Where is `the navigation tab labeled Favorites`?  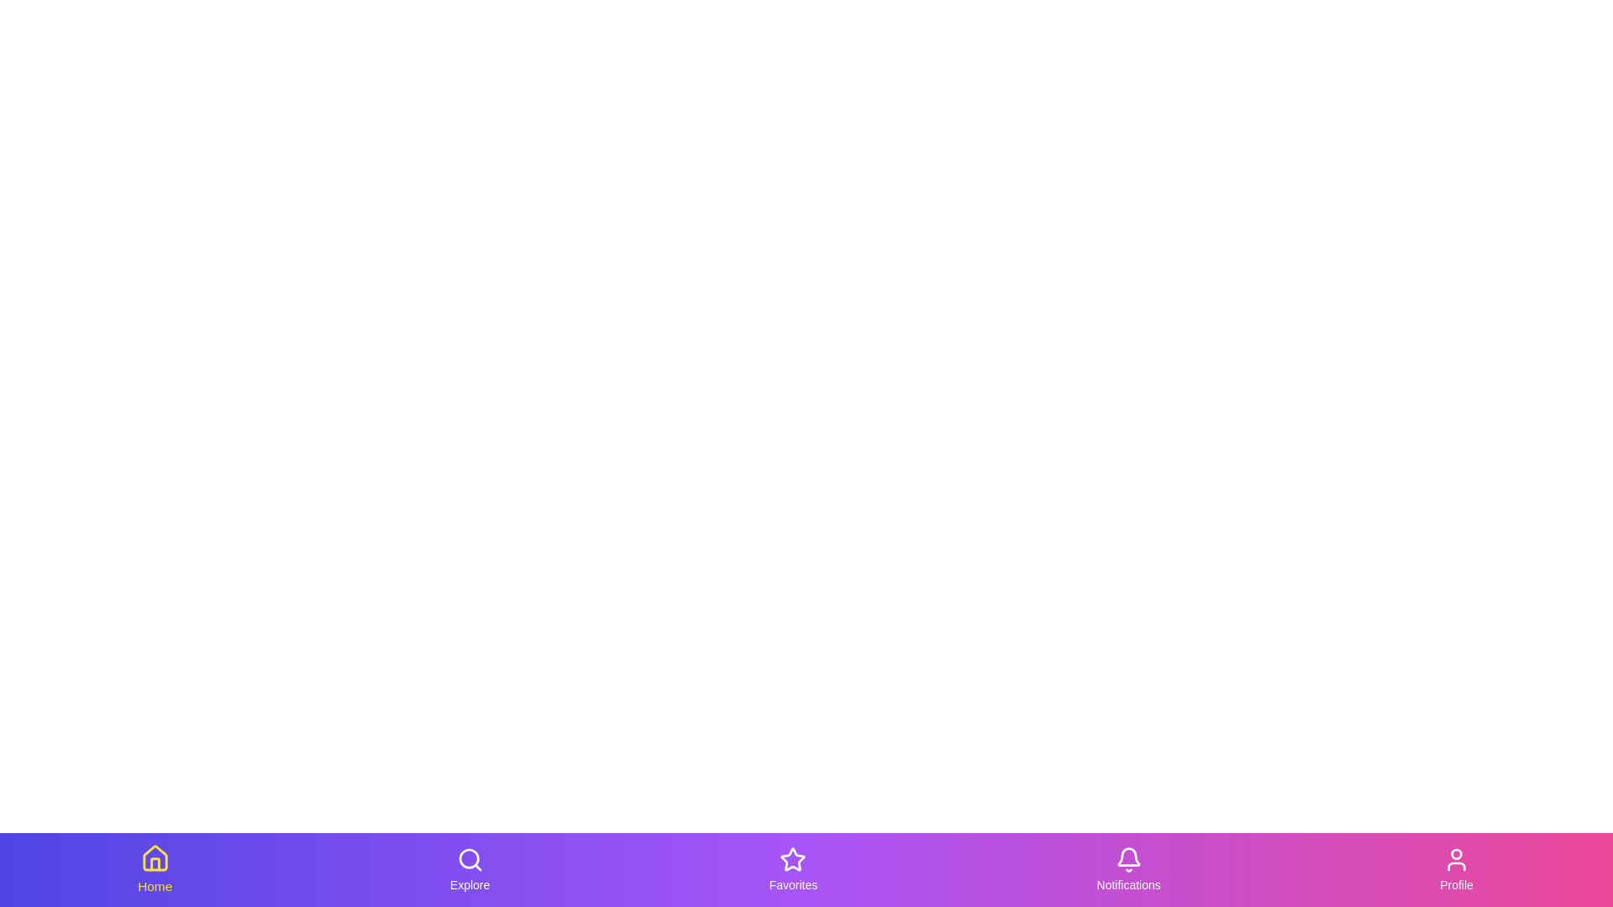 the navigation tab labeled Favorites is located at coordinates (792, 869).